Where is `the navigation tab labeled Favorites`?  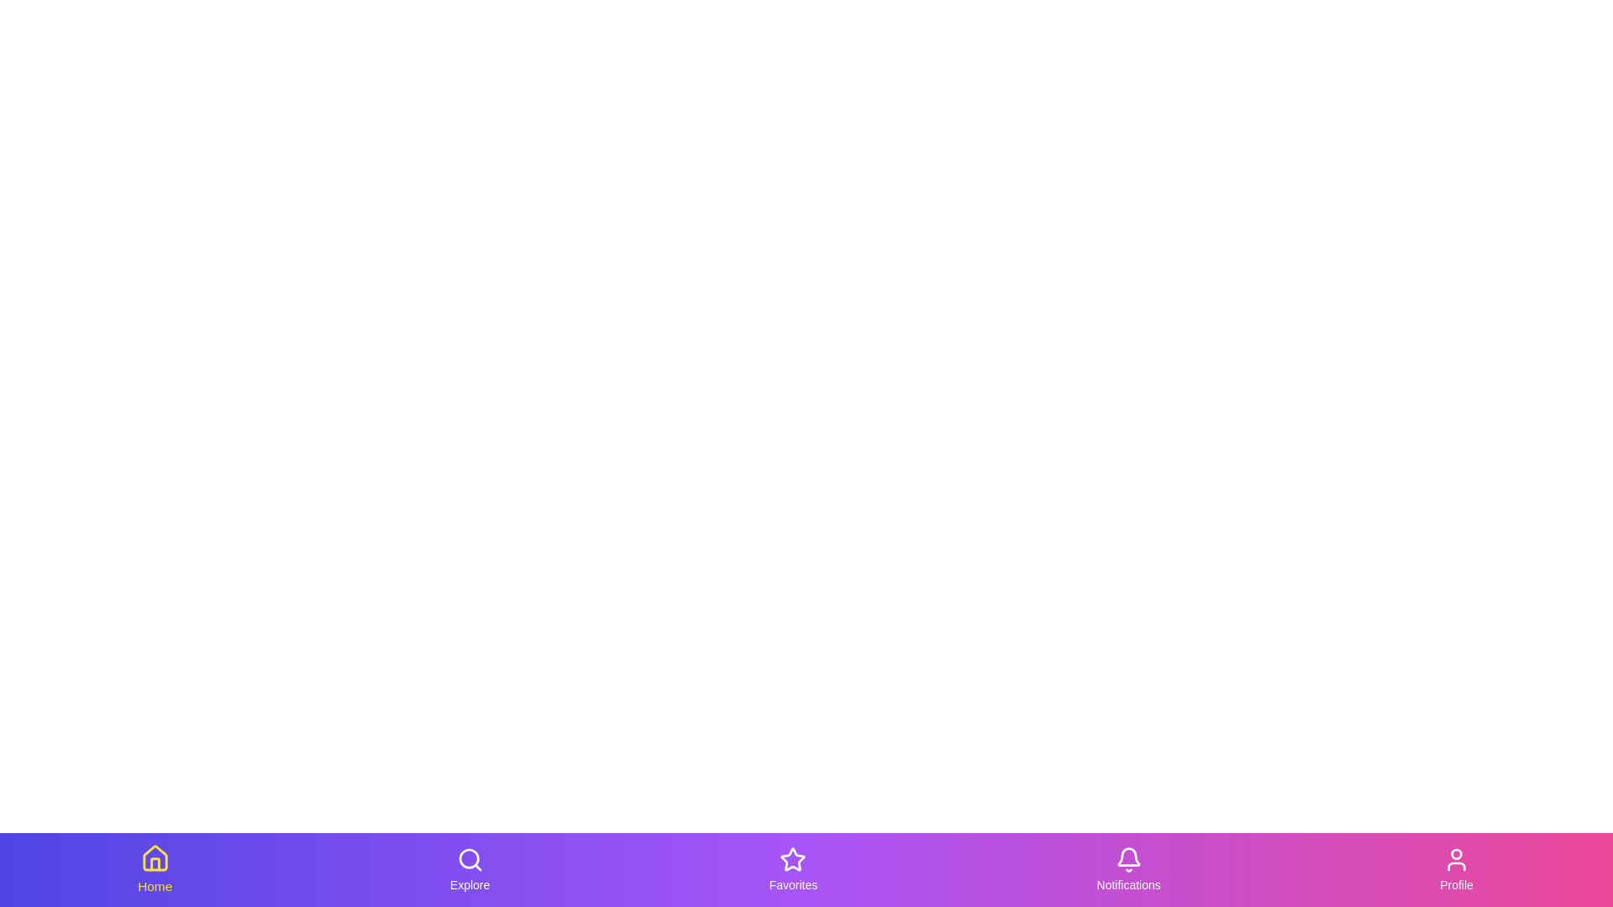 the navigation tab labeled Favorites is located at coordinates (792, 869).